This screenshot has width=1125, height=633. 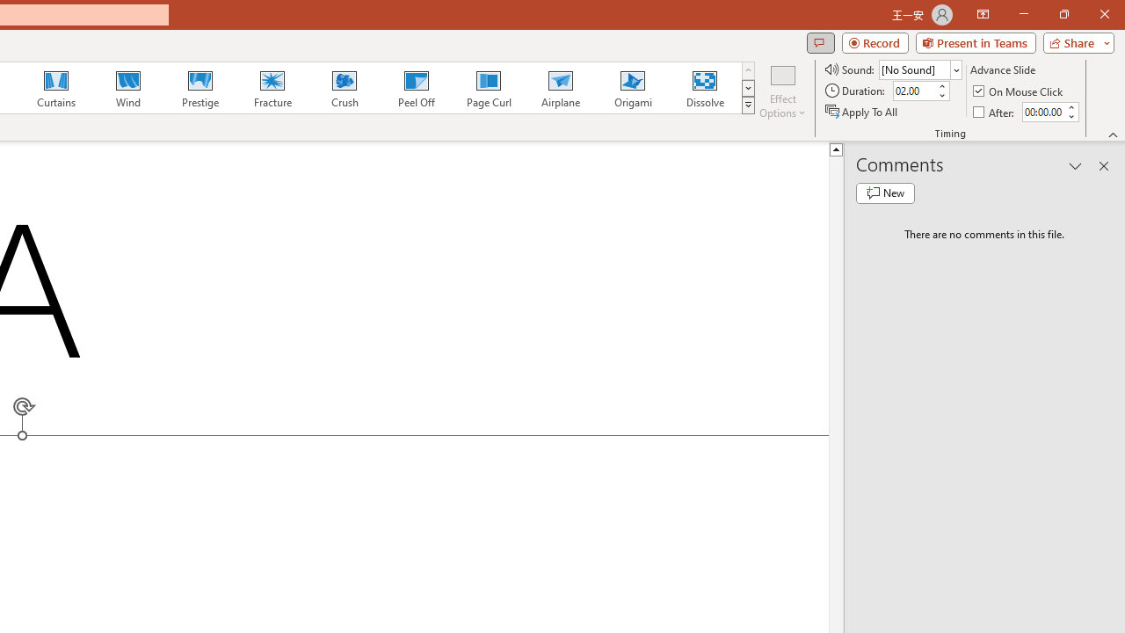 I want to click on 'Page Curl', so click(x=488, y=88).